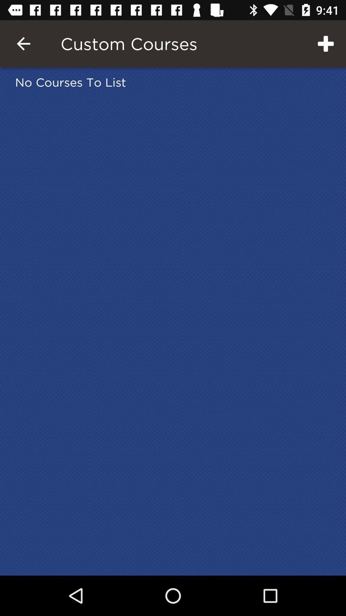 This screenshot has height=616, width=346. I want to click on item to the right of the custom courses, so click(326, 43).